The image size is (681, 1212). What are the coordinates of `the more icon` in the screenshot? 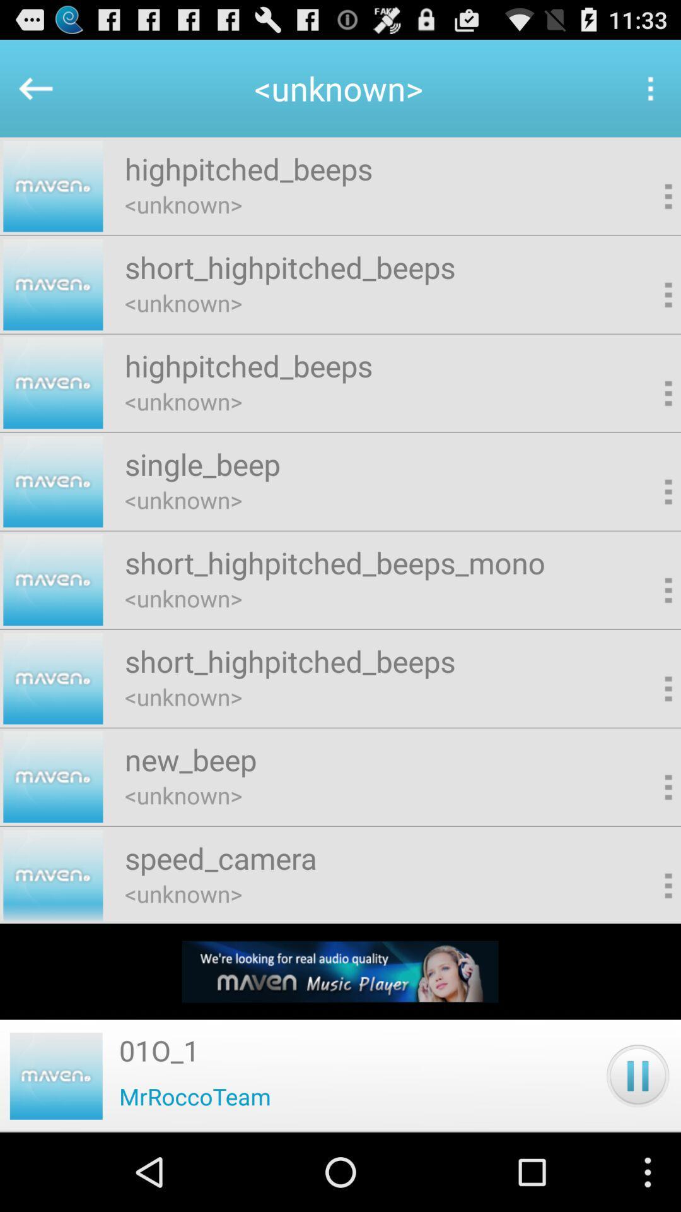 It's located at (648, 738).